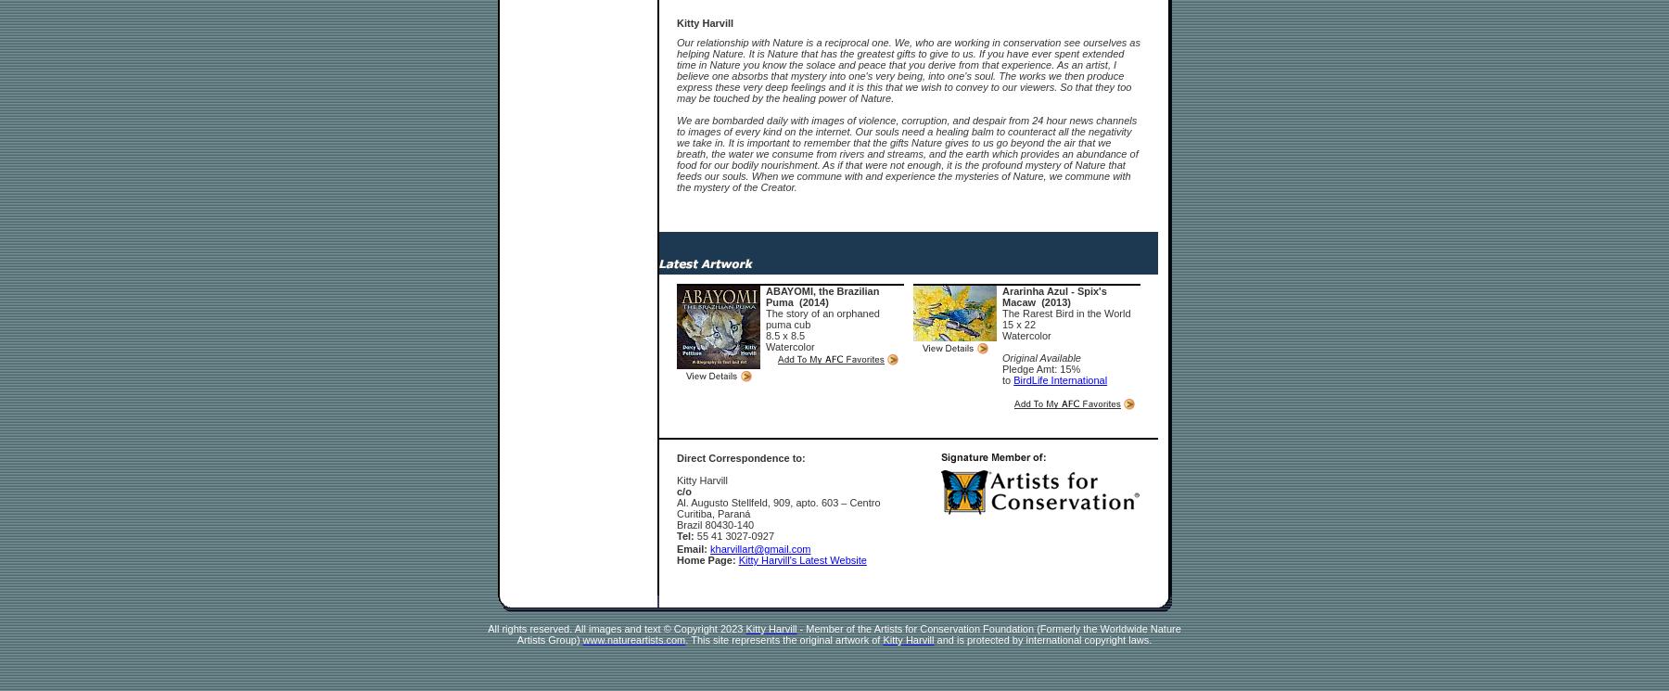  What do you see at coordinates (778, 501) in the screenshot?
I see `'Al. Augusto Stellfeld, 909, apto. 603 – Centro'` at bounding box center [778, 501].